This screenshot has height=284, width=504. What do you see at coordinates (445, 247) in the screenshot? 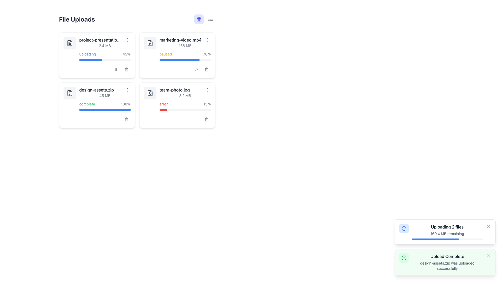
I see `the closure or additional options of the Notification Area displaying 'Upload Complete' with details on successful uploads, positioned in the bottom right corner of the interface` at bounding box center [445, 247].